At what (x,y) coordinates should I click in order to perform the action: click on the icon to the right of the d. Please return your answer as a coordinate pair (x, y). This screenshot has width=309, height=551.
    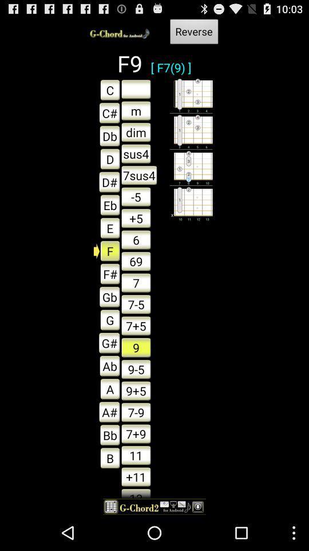
    Looking at the image, I should click on (139, 175).